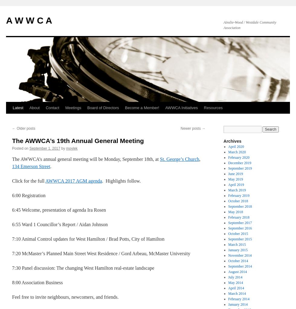  I want to click on 'February 2014', so click(238, 299).